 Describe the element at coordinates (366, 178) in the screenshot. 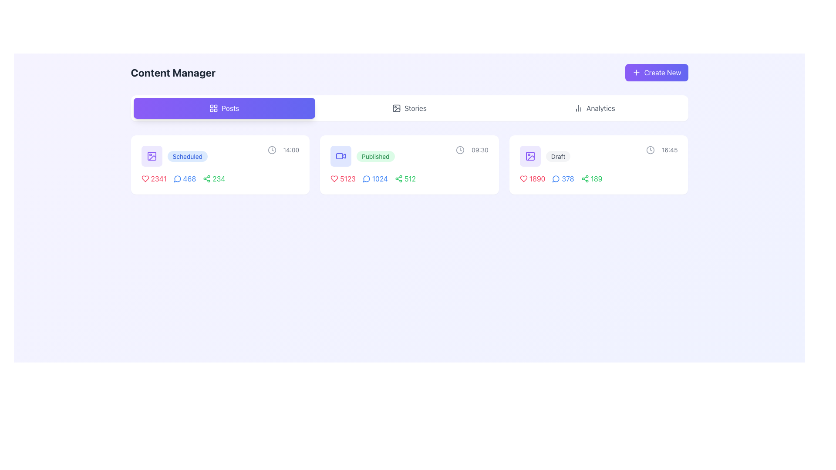

I see `the SVG icon resembling a message bubble located to the left of the number 1024 in the middle card representing a published post` at that location.